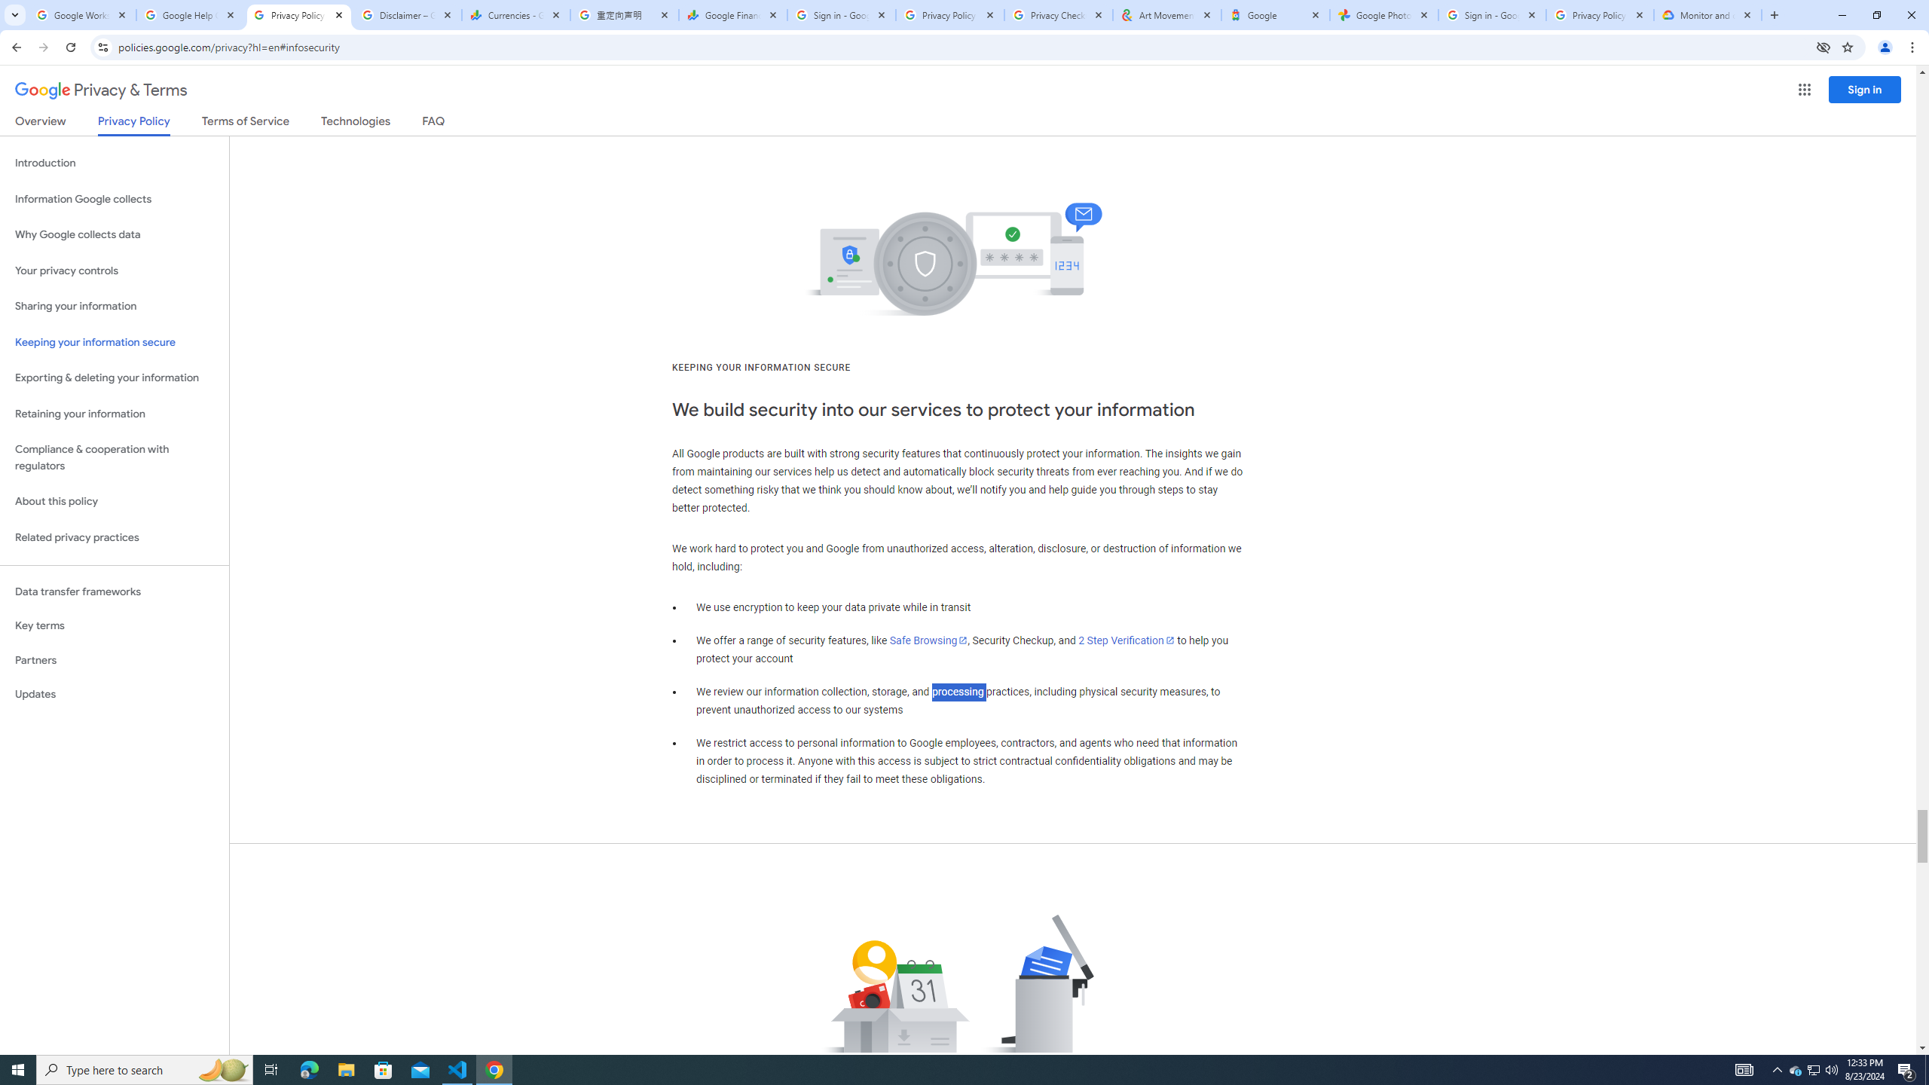 Image resolution: width=1929 pixels, height=1085 pixels. Describe the element at coordinates (1127, 640) in the screenshot. I see `'2 Step Verification'` at that location.